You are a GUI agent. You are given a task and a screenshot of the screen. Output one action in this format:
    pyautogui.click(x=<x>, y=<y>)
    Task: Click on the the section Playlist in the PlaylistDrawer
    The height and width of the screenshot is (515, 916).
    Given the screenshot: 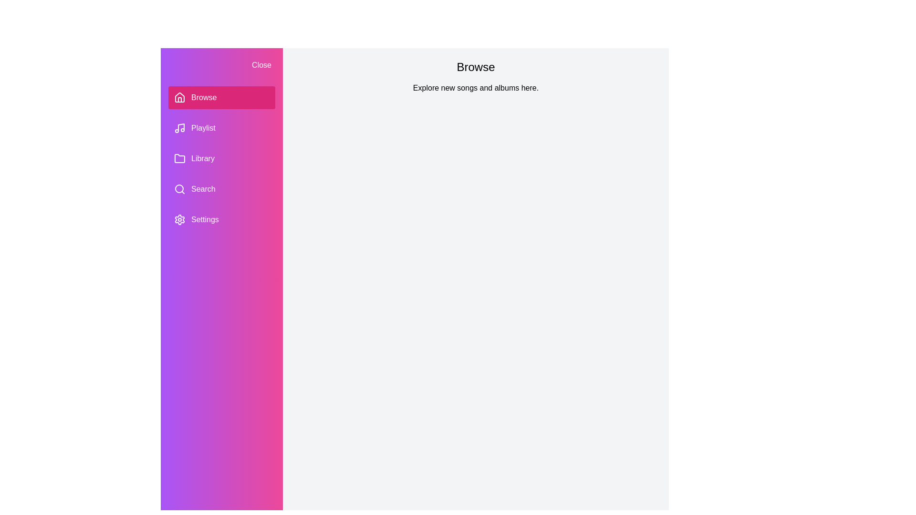 What is the action you would take?
    pyautogui.click(x=221, y=128)
    